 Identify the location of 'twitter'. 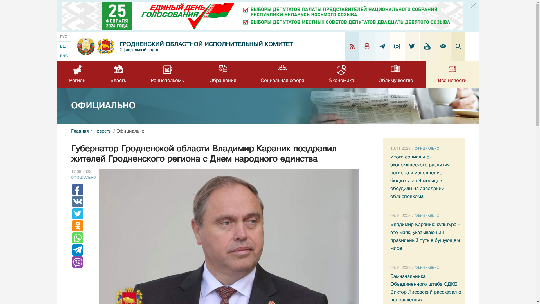
(412, 46).